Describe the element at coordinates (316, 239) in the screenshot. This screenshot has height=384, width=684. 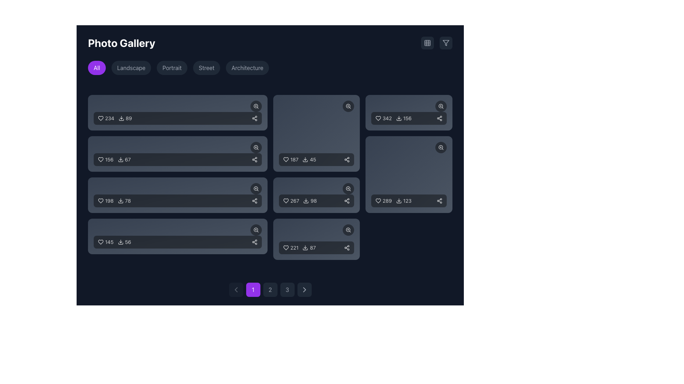
I see `the like or download icons on the interactive card located in the last row and third column of the grid layout to interact with the respective counters` at that location.